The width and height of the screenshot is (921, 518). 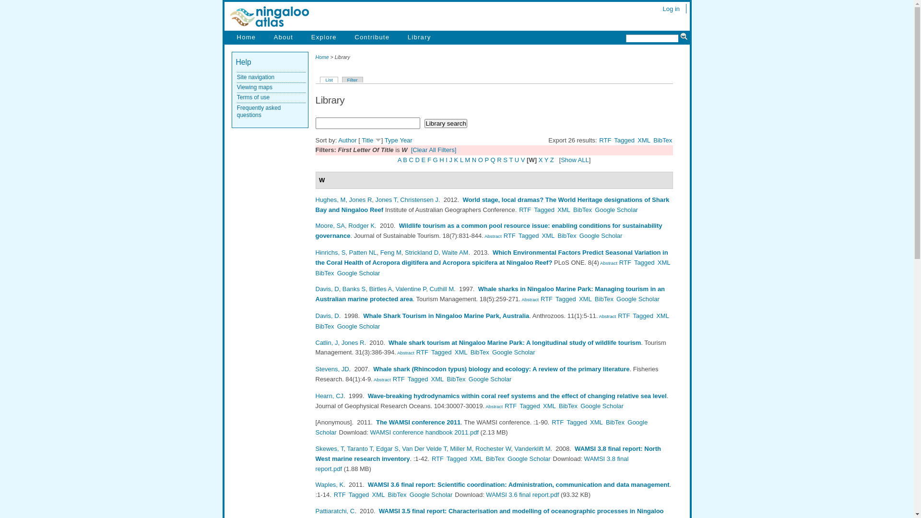 I want to click on 'T', so click(x=510, y=159).